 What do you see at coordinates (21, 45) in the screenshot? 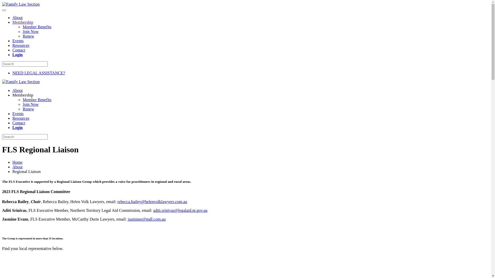
I see `'Resources'` at bounding box center [21, 45].